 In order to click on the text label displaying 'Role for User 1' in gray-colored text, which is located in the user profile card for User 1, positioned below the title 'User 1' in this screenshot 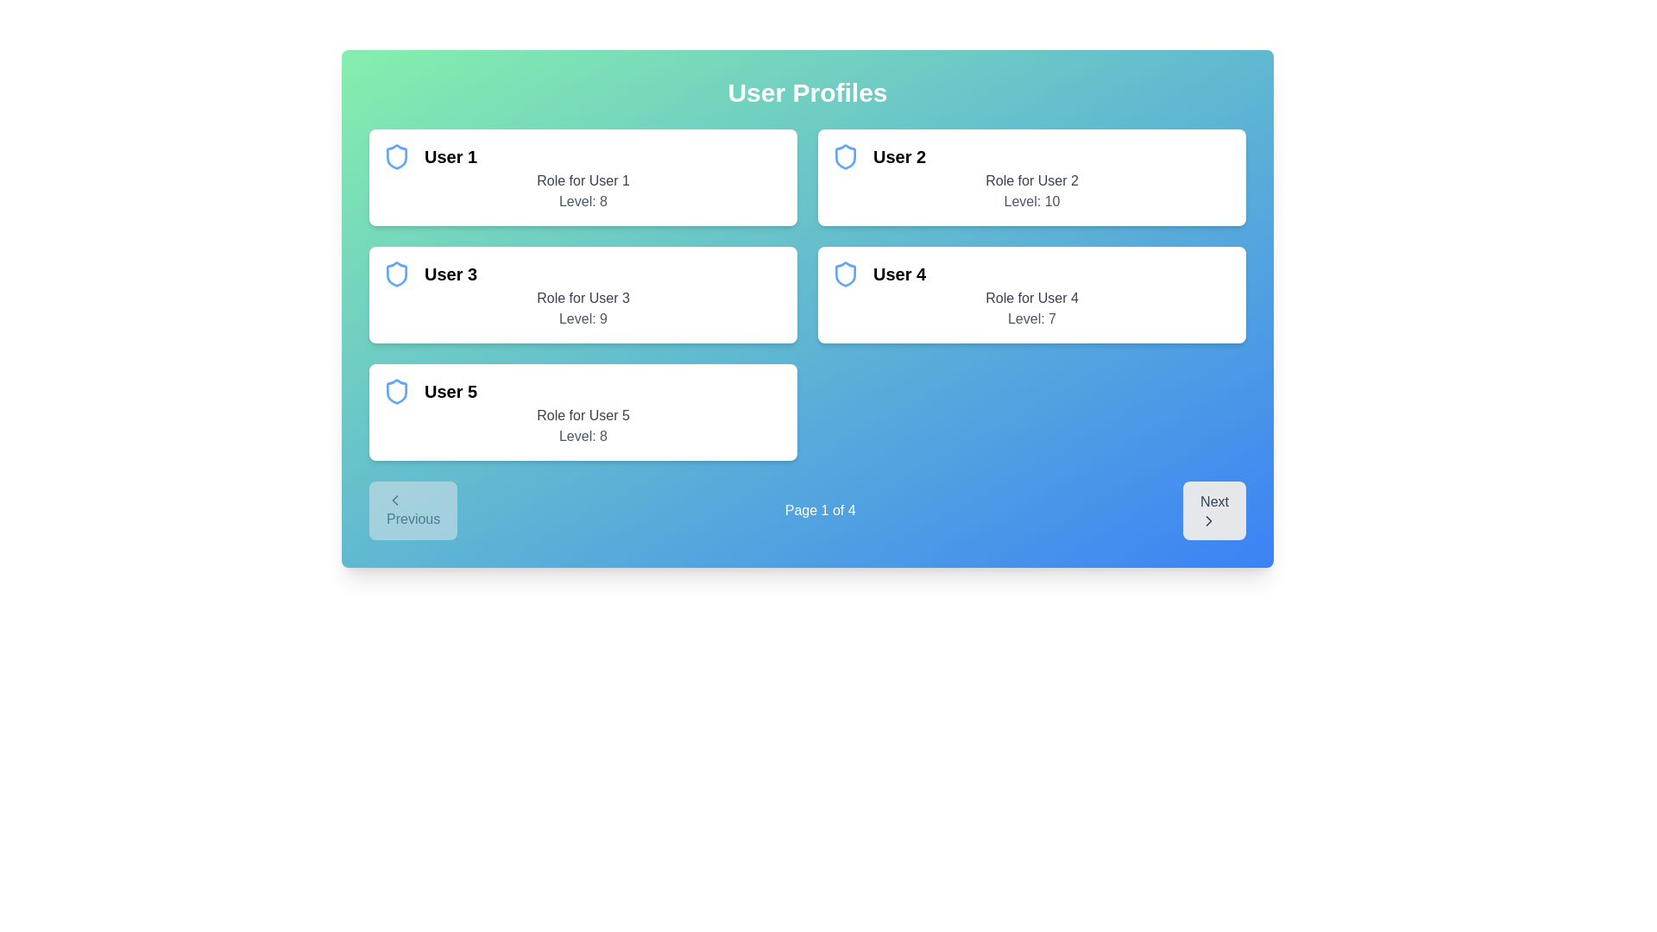, I will do `click(583, 180)`.